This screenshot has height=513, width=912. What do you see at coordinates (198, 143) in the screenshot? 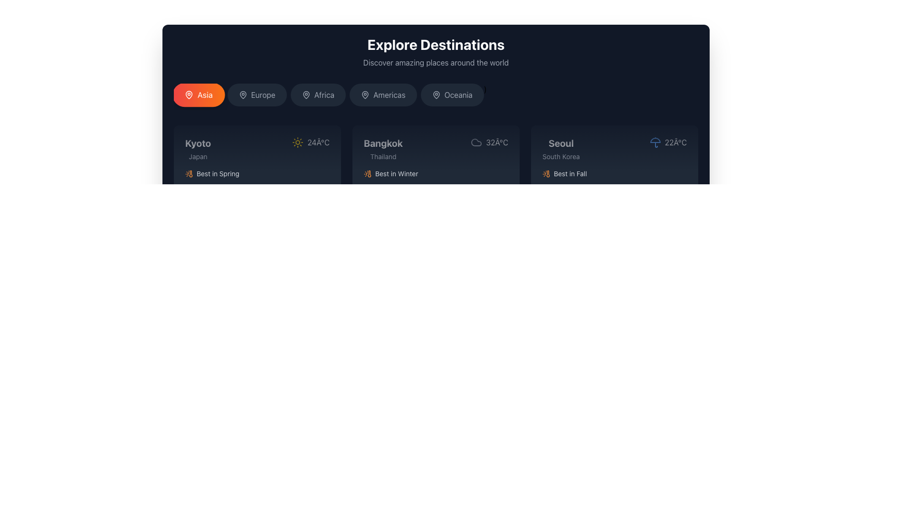
I see `text displayed in the heading labeled 'Kyoto', which serves as the primary title for the associated card located at the top-left side of the card within a grid layout` at bounding box center [198, 143].